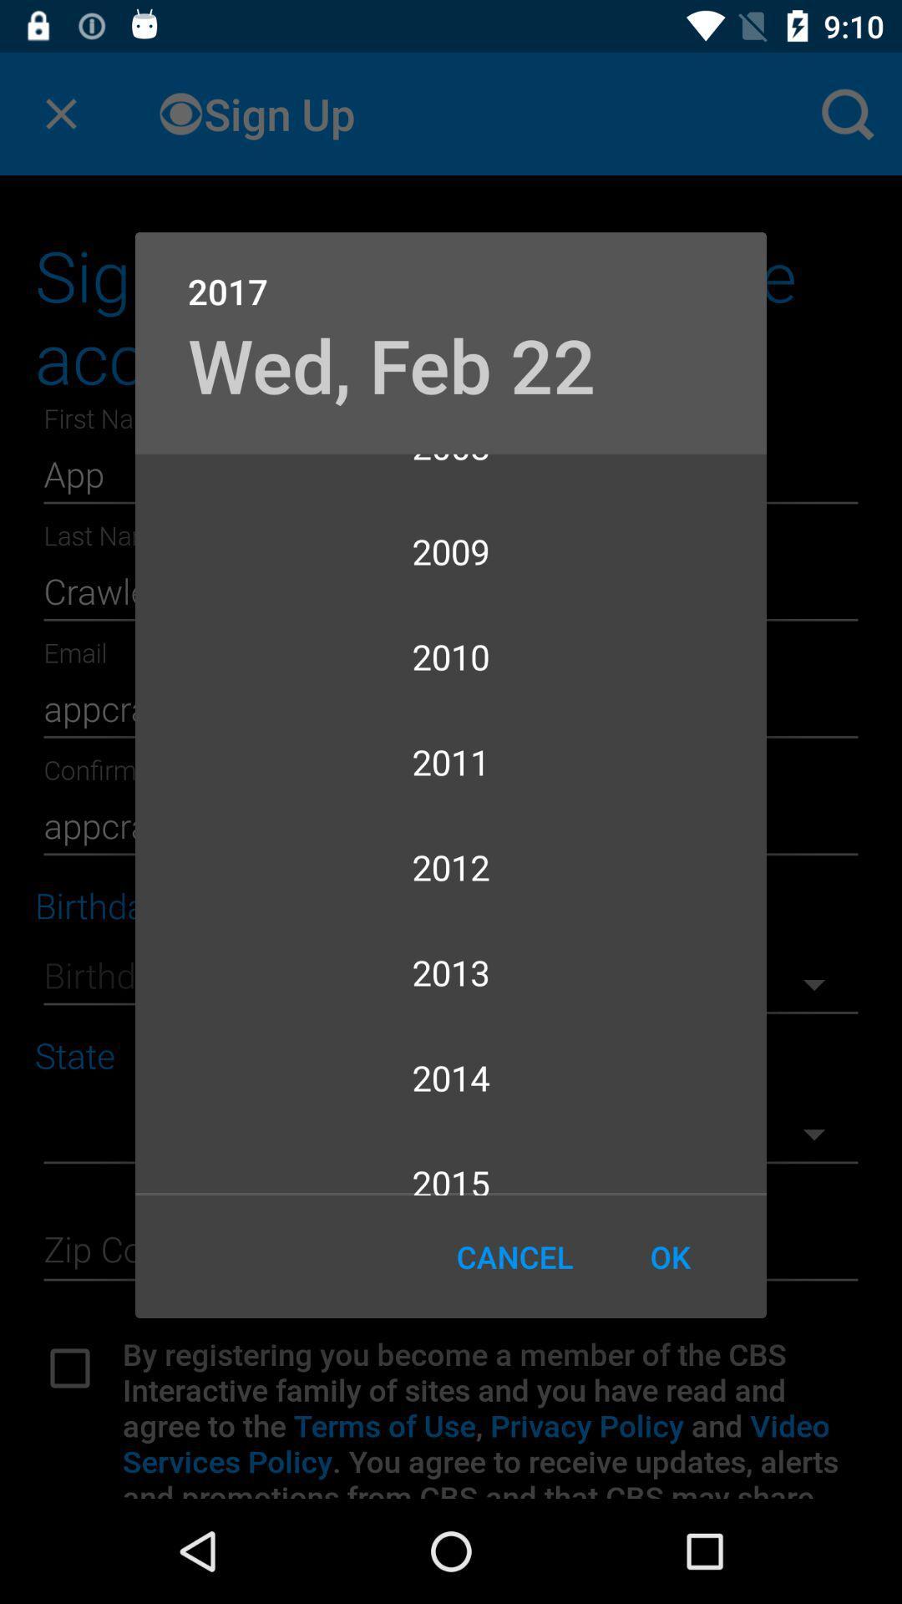 This screenshot has height=1604, width=902. Describe the element at coordinates (669, 1256) in the screenshot. I see `ok icon` at that location.